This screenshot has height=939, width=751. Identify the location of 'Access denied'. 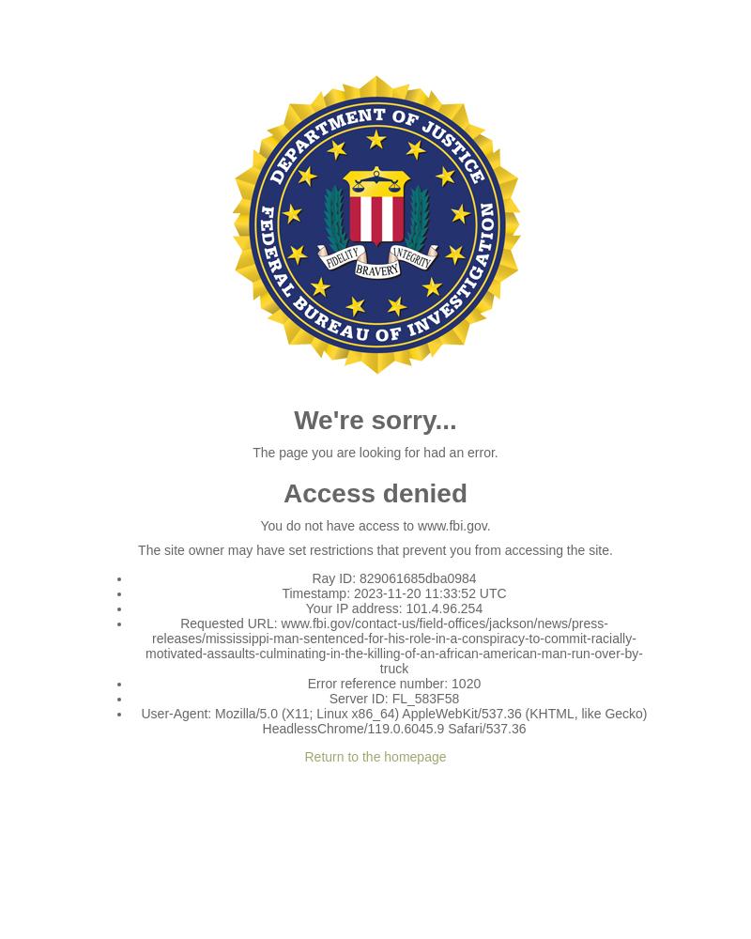
(374, 493).